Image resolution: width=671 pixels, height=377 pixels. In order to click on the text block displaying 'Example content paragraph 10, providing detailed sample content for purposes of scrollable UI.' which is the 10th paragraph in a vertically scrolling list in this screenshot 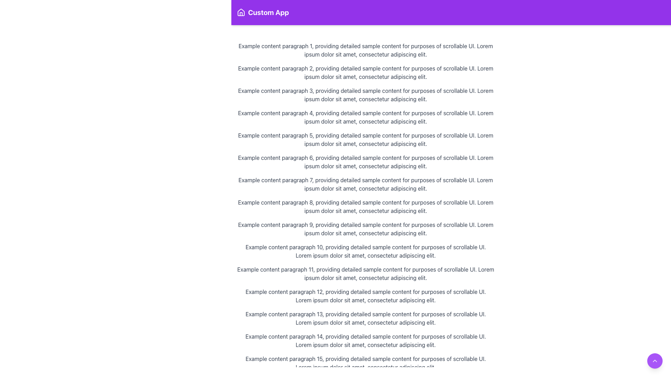, I will do `click(365, 251)`.